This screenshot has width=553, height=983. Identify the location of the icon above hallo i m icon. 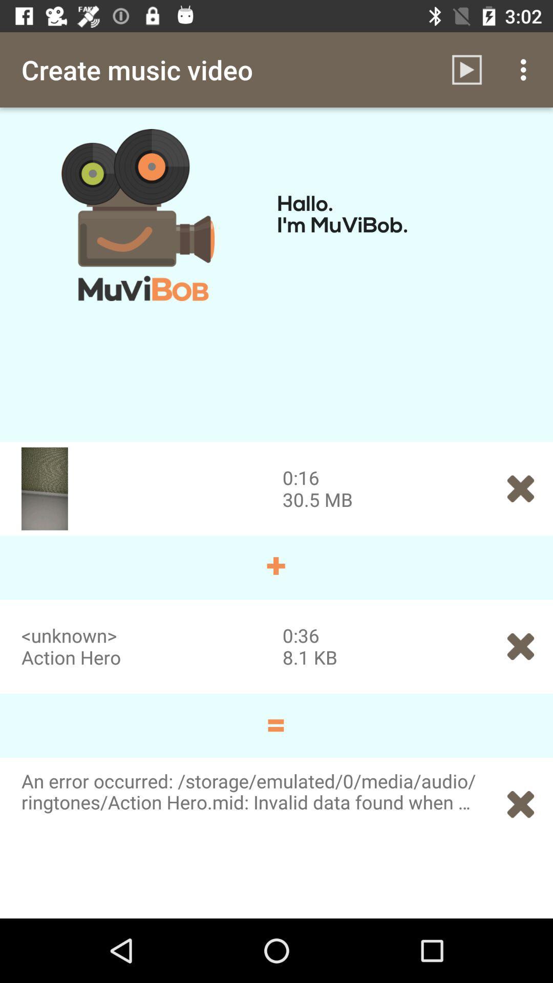
(526, 69).